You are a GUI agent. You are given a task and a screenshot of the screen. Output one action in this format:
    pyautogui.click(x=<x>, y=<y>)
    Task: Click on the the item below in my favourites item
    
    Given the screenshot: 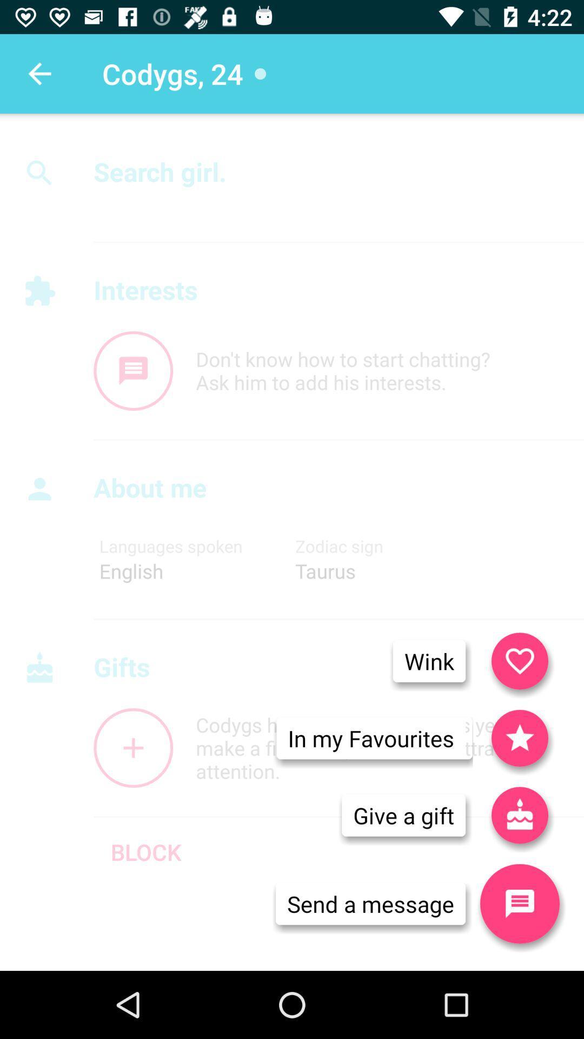 What is the action you would take?
    pyautogui.click(x=403, y=815)
    